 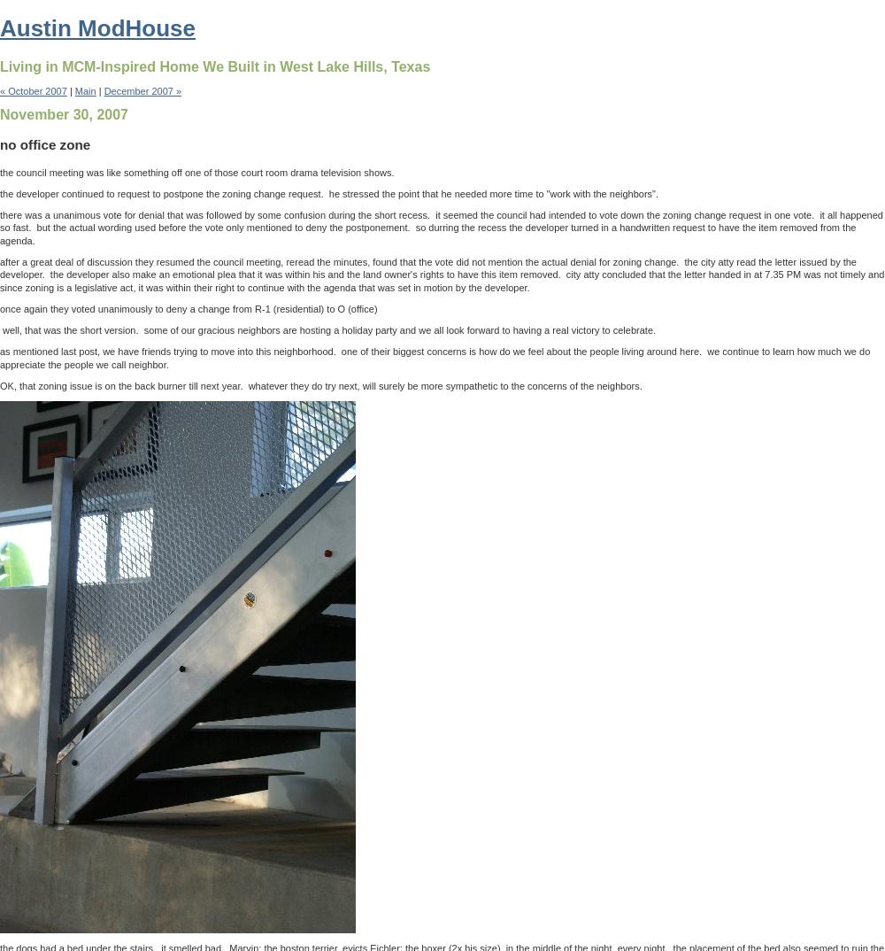 I want to click on '« October 2007', so click(x=0, y=90).